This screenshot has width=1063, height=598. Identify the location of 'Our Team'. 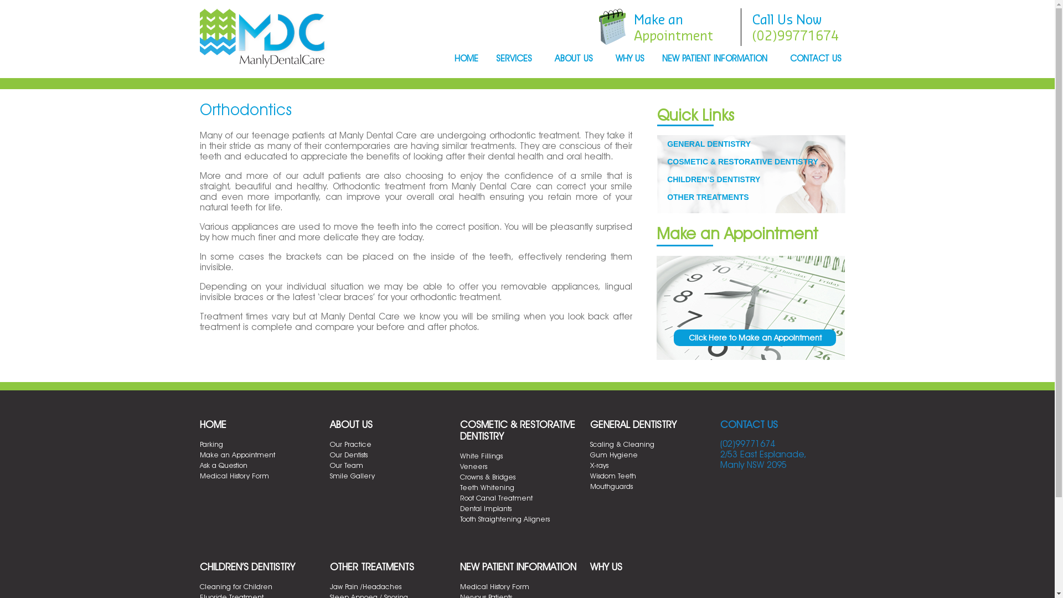
(345, 465).